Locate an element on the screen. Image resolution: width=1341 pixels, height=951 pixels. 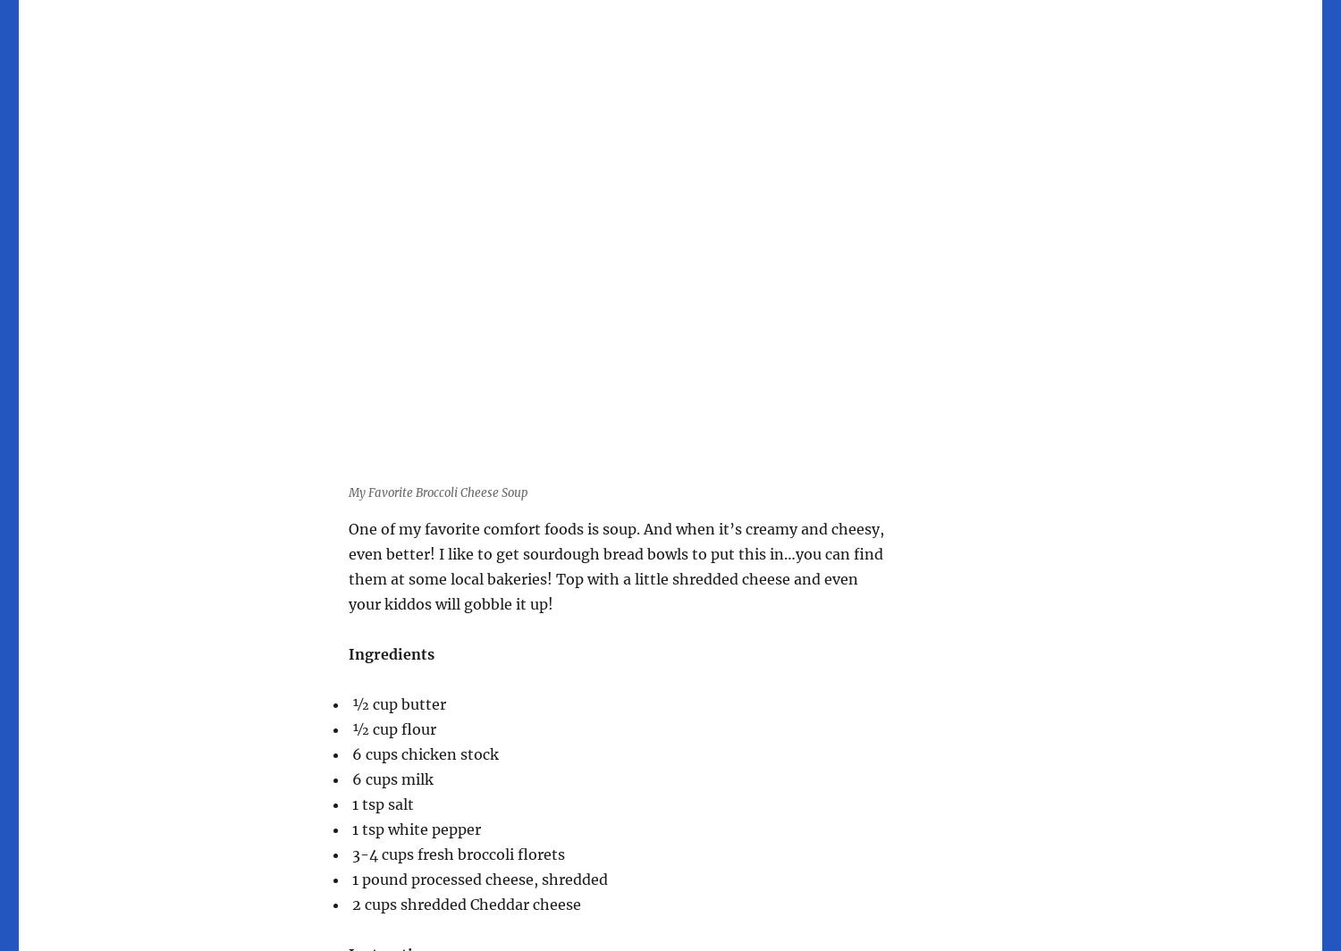
'3-4 cups fresh broccoli florets' is located at coordinates (457, 854).